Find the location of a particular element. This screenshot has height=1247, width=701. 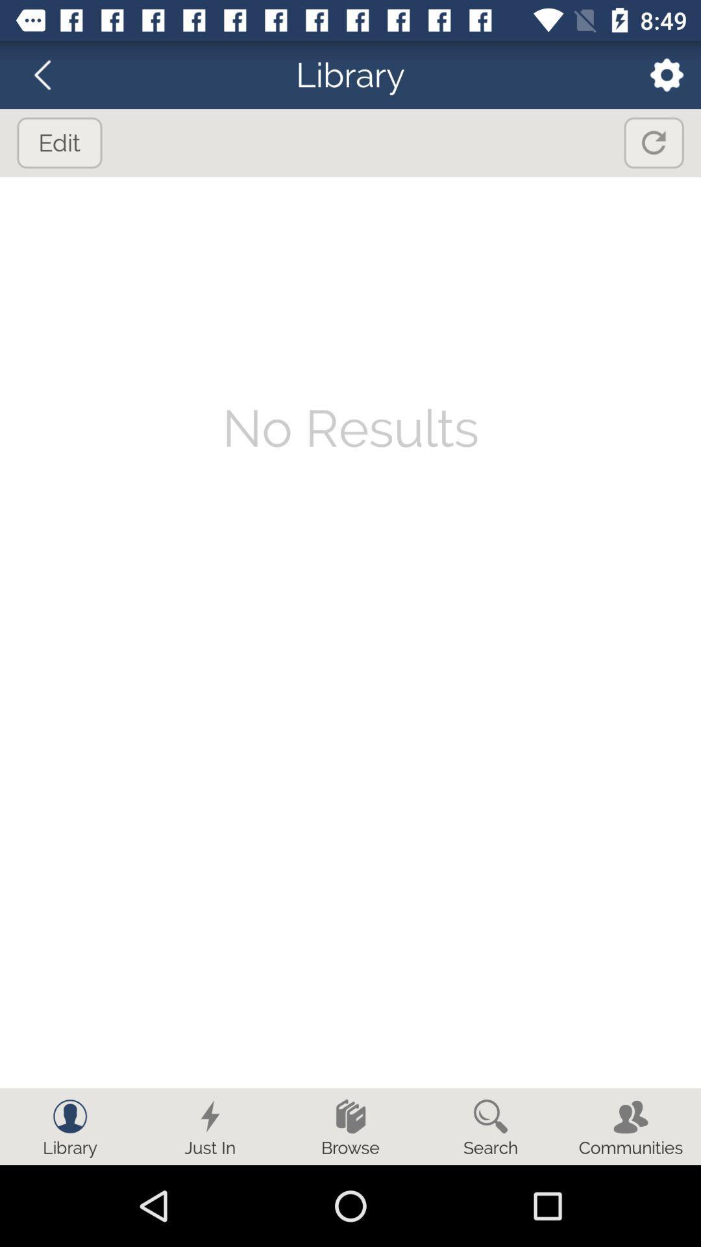

the arrow_backward icon is located at coordinates (50, 74).